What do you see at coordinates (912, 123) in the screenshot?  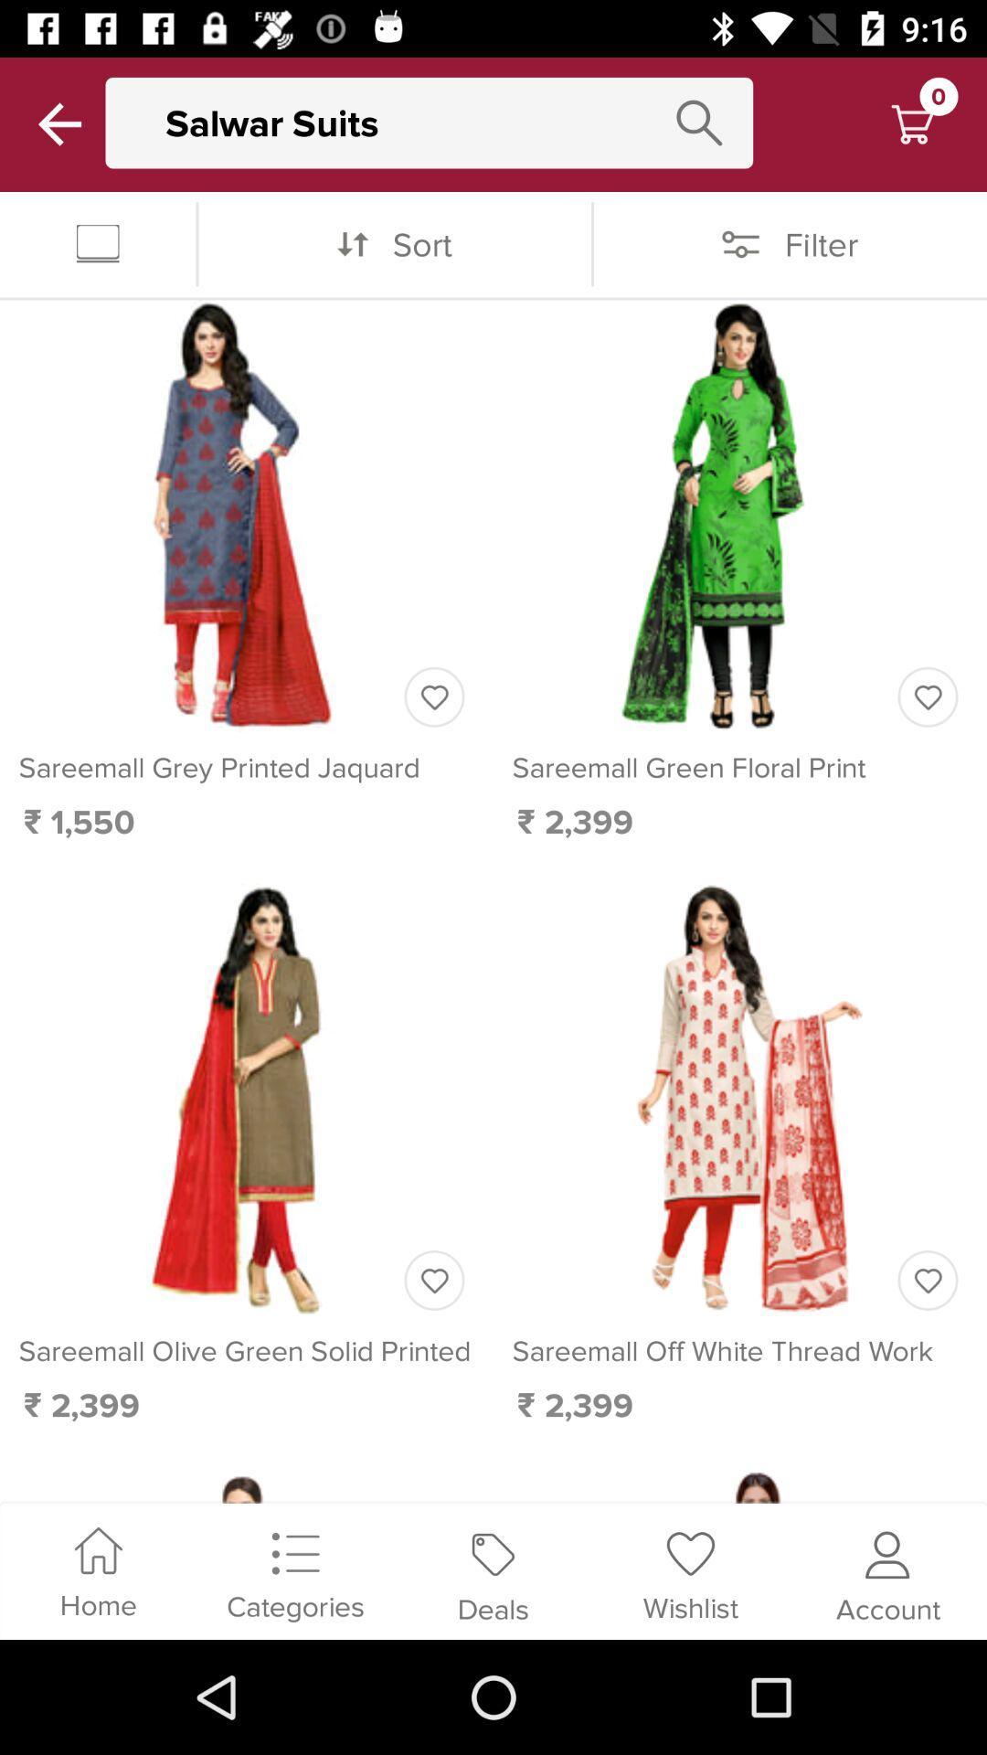 I see `display cart content` at bounding box center [912, 123].